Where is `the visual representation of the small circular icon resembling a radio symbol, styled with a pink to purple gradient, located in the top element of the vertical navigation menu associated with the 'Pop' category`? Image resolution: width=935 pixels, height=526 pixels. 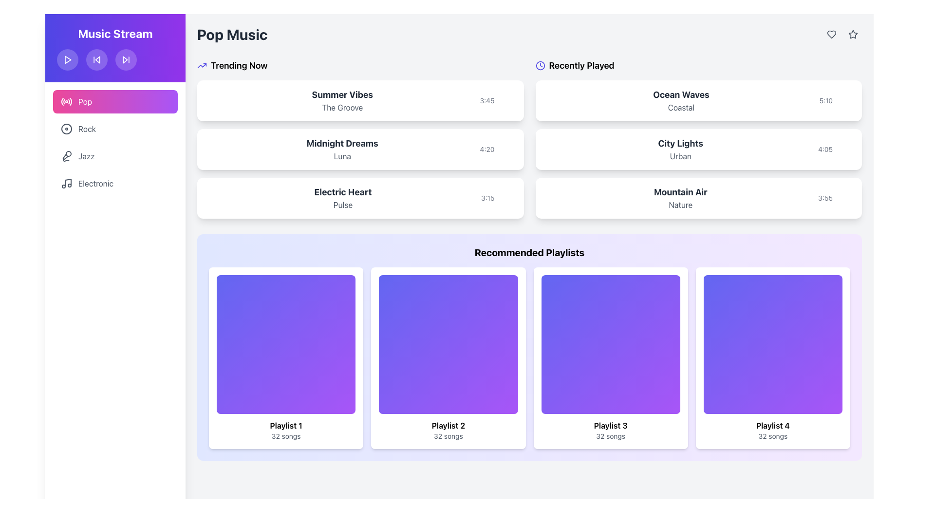 the visual representation of the small circular icon resembling a radio symbol, styled with a pink to purple gradient, located in the top element of the vertical navigation menu associated with the 'Pop' category is located at coordinates (66, 101).